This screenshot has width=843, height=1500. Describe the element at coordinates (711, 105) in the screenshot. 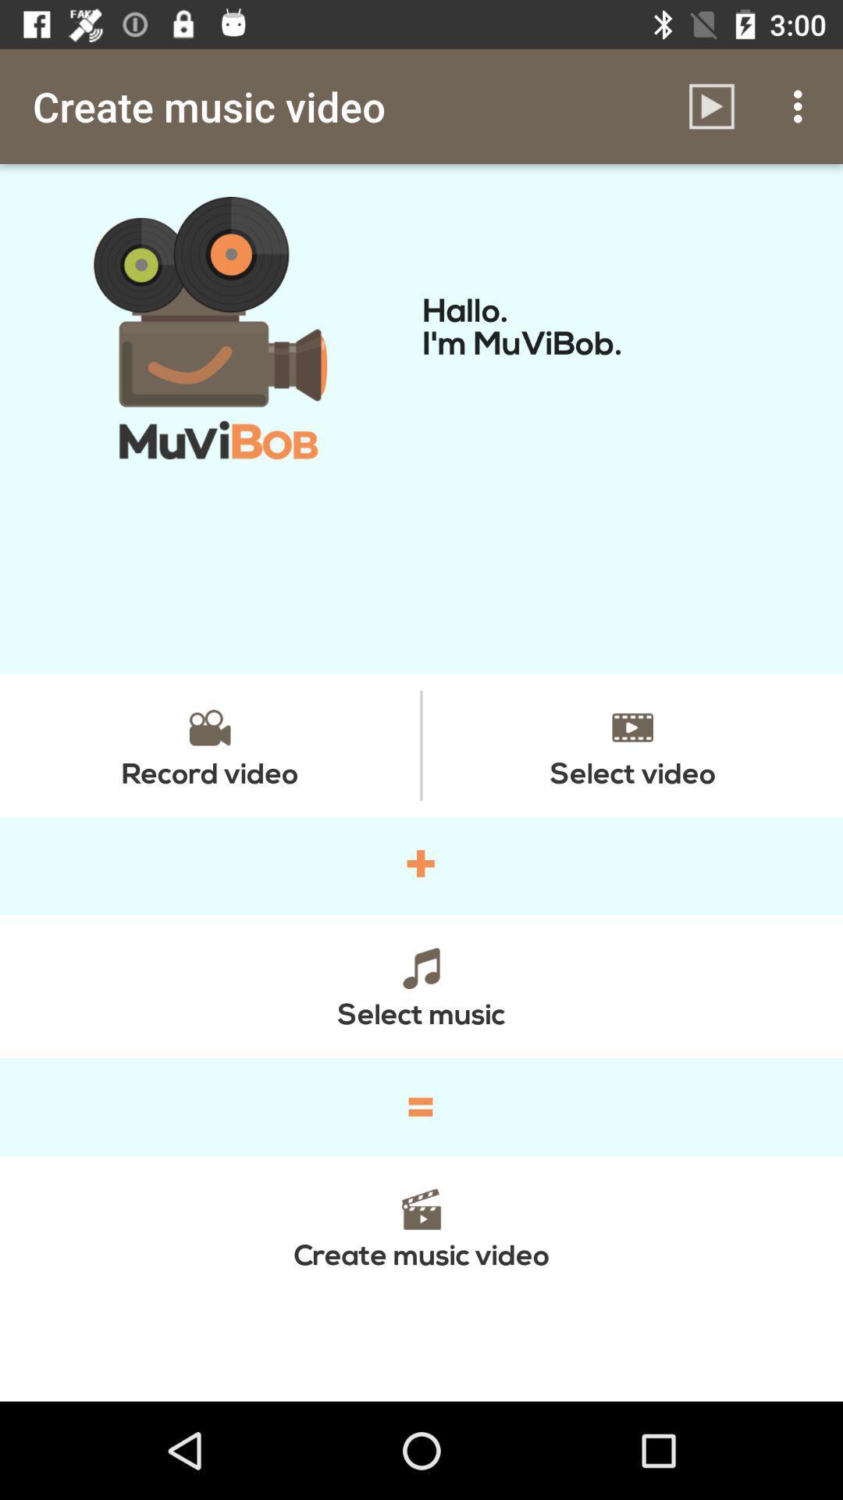

I see `app next to create music video icon` at that location.